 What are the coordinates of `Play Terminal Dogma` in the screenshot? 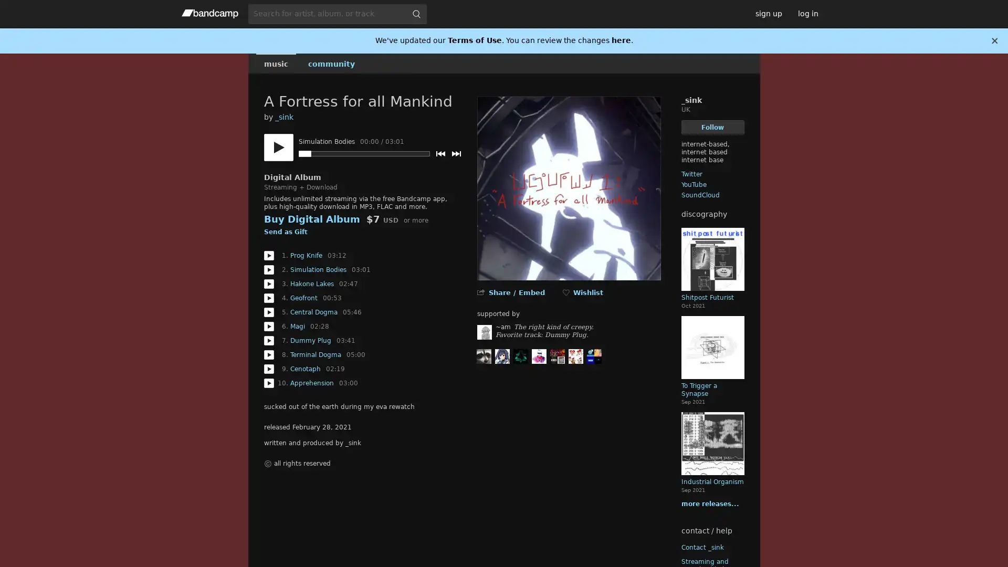 It's located at (268, 354).